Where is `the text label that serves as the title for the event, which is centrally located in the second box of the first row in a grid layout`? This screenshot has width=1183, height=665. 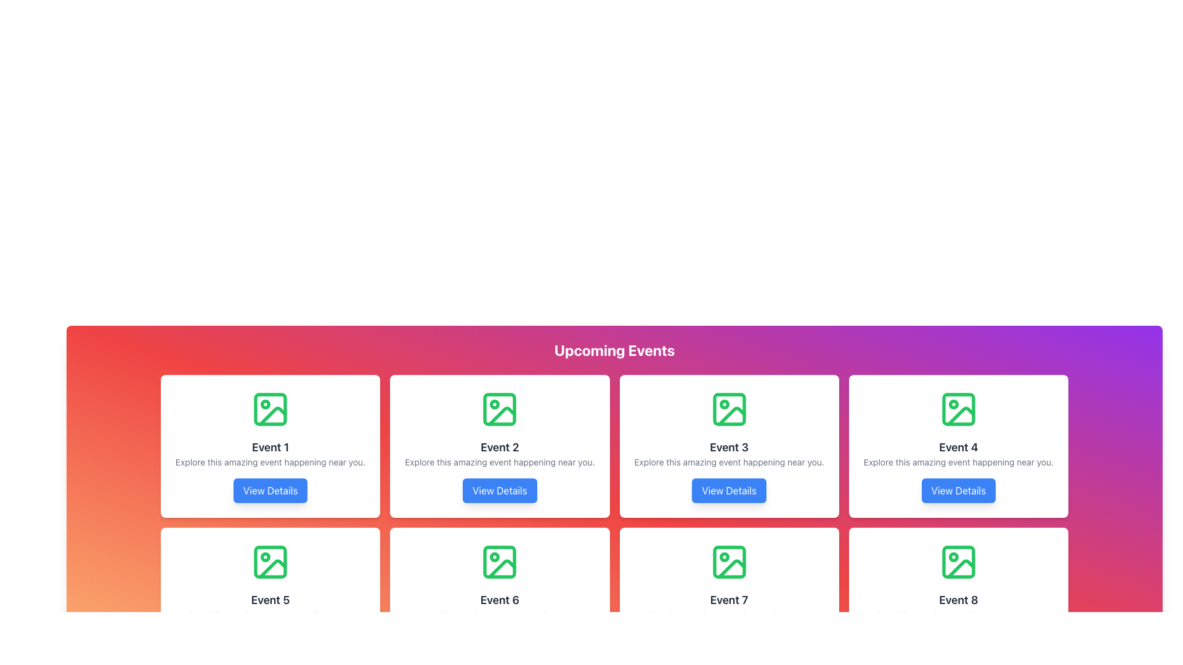 the text label that serves as the title for the event, which is centrally located in the second box of the first row in a grid layout is located at coordinates (500, 447).